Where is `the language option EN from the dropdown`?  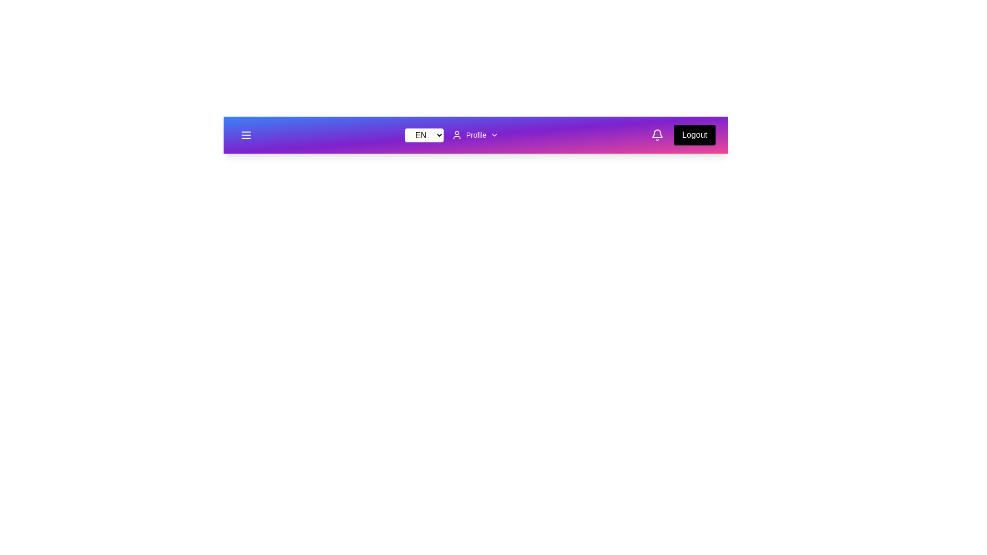 the language option EN from the dropdown is located at coordinates (424, 134).